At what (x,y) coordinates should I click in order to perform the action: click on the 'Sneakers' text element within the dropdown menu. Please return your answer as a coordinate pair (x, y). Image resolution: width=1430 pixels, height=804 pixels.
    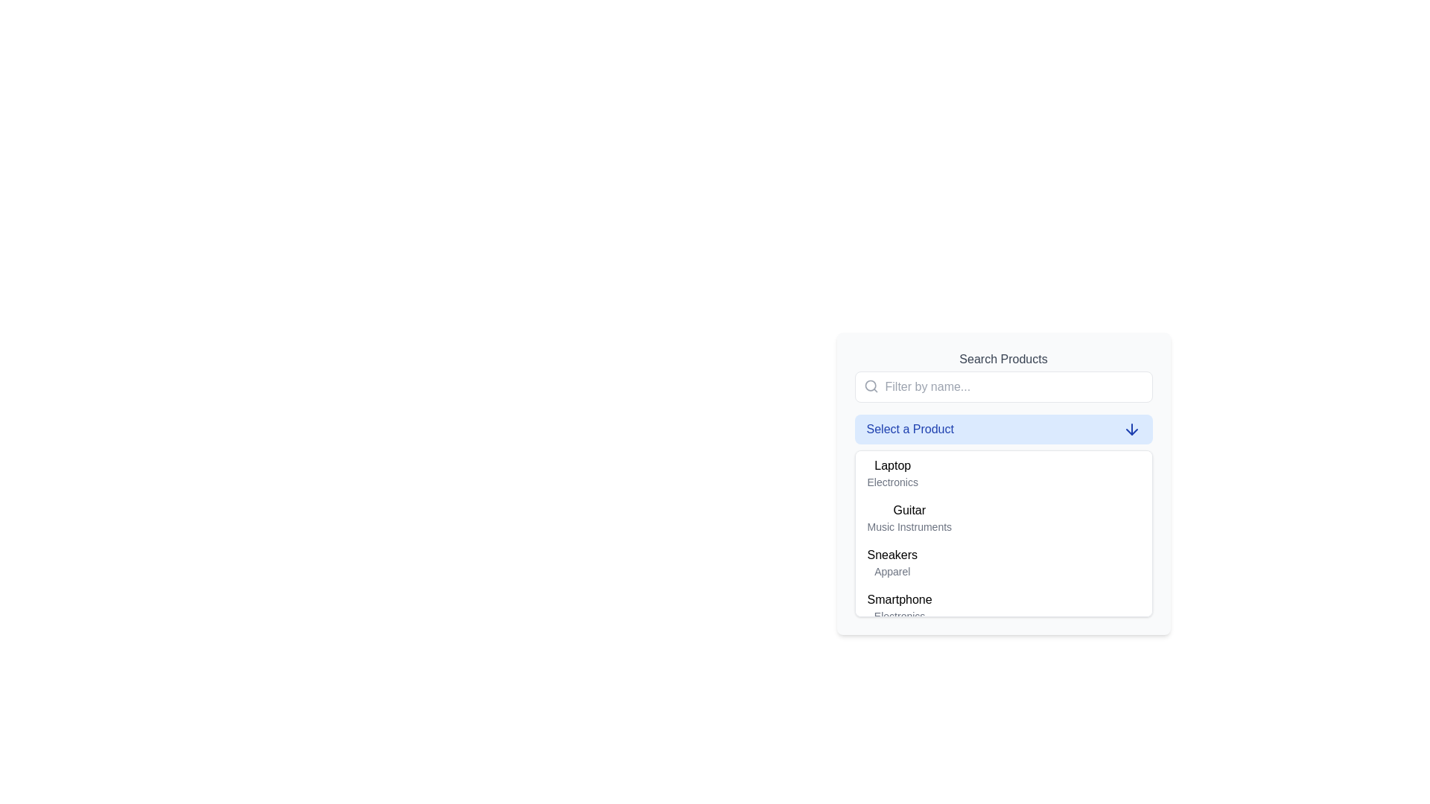
    Looking at the image, I should click on (892, 555).